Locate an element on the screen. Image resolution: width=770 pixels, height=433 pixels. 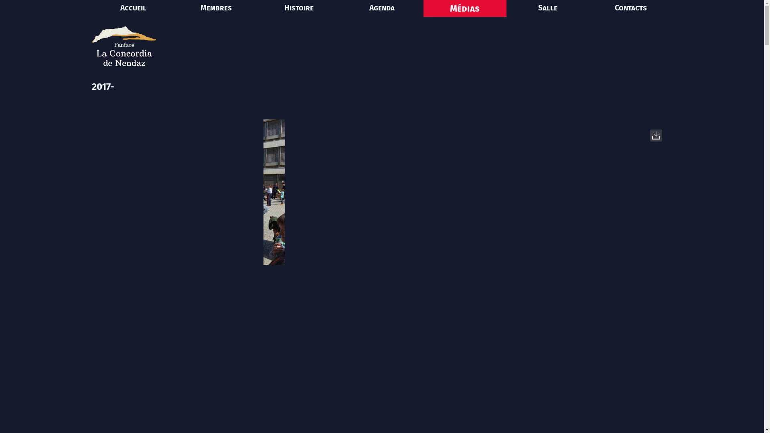
'Contacts' is located at coordinates (630, 8).